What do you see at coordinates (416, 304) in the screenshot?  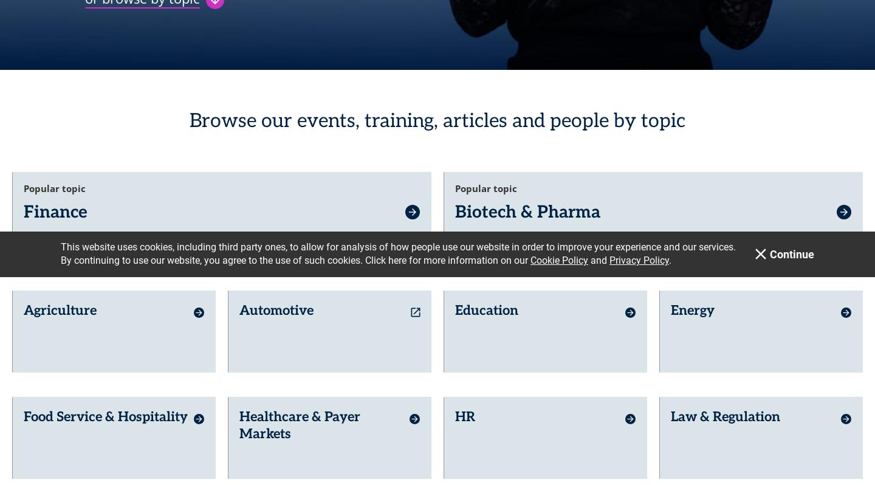 I see `'launch'` at bounding box center [416, 304].